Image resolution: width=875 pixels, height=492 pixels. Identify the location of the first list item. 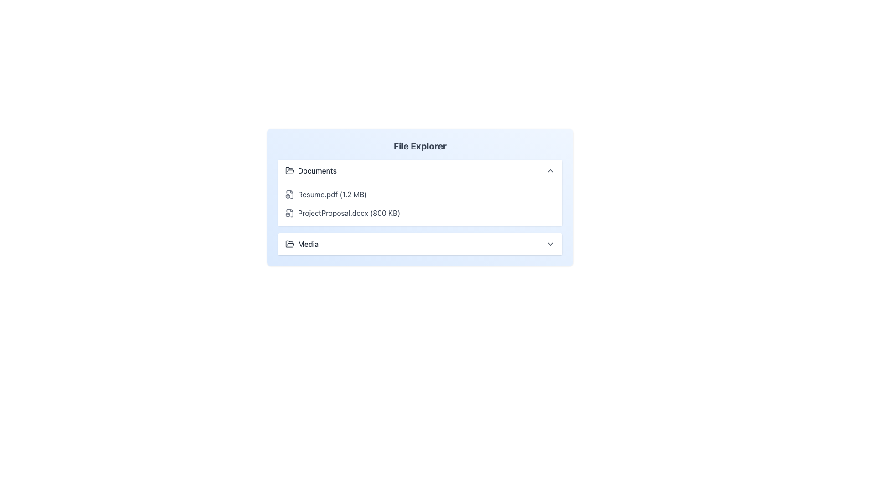
(419, 194).